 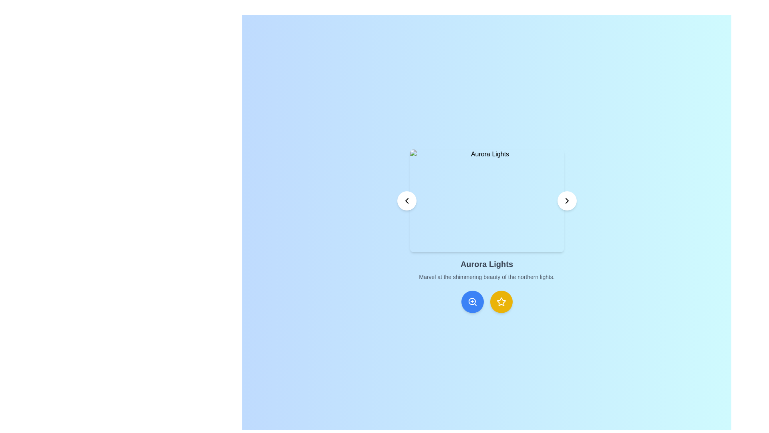 What do you see at coordinates (486, 264) in the screenshot?
I see `the 'Aurora Lights' heading text, which is displayed in bold, larger font and dark gray color, positioned above the subtext within a light blue background` at bounding box center [486, 264].